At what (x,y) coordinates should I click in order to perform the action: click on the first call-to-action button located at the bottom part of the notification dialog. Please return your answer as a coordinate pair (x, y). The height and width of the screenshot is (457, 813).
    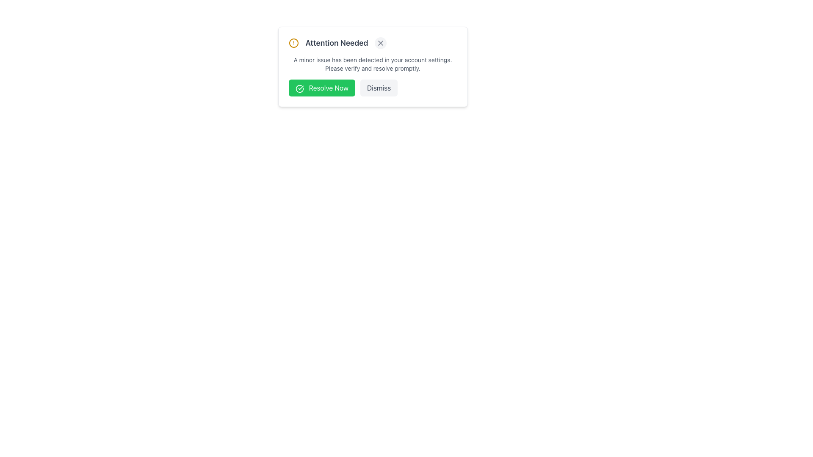
    Looking at the image, I should click on (321, 88).